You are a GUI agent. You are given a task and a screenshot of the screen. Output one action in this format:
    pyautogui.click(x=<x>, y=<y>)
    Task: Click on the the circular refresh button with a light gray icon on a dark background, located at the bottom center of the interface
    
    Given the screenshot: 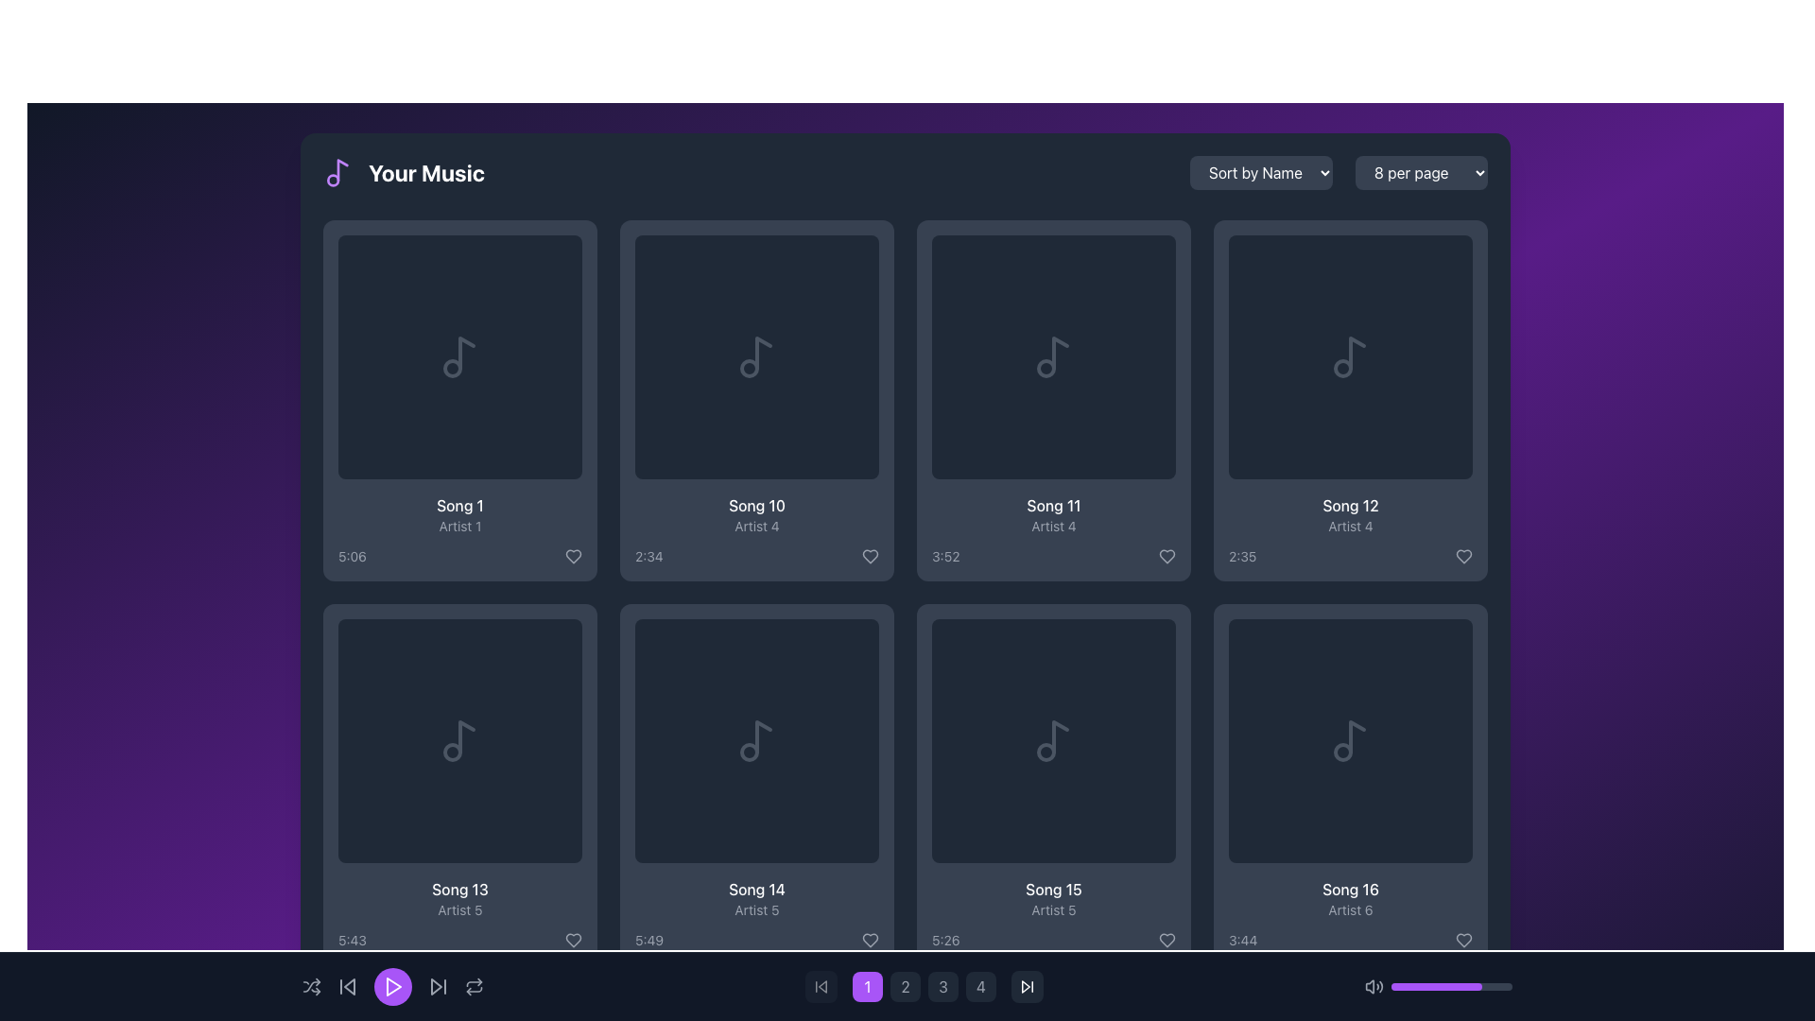 What is the action you would take?
    pyautogui.click(x=475, y=986)
    